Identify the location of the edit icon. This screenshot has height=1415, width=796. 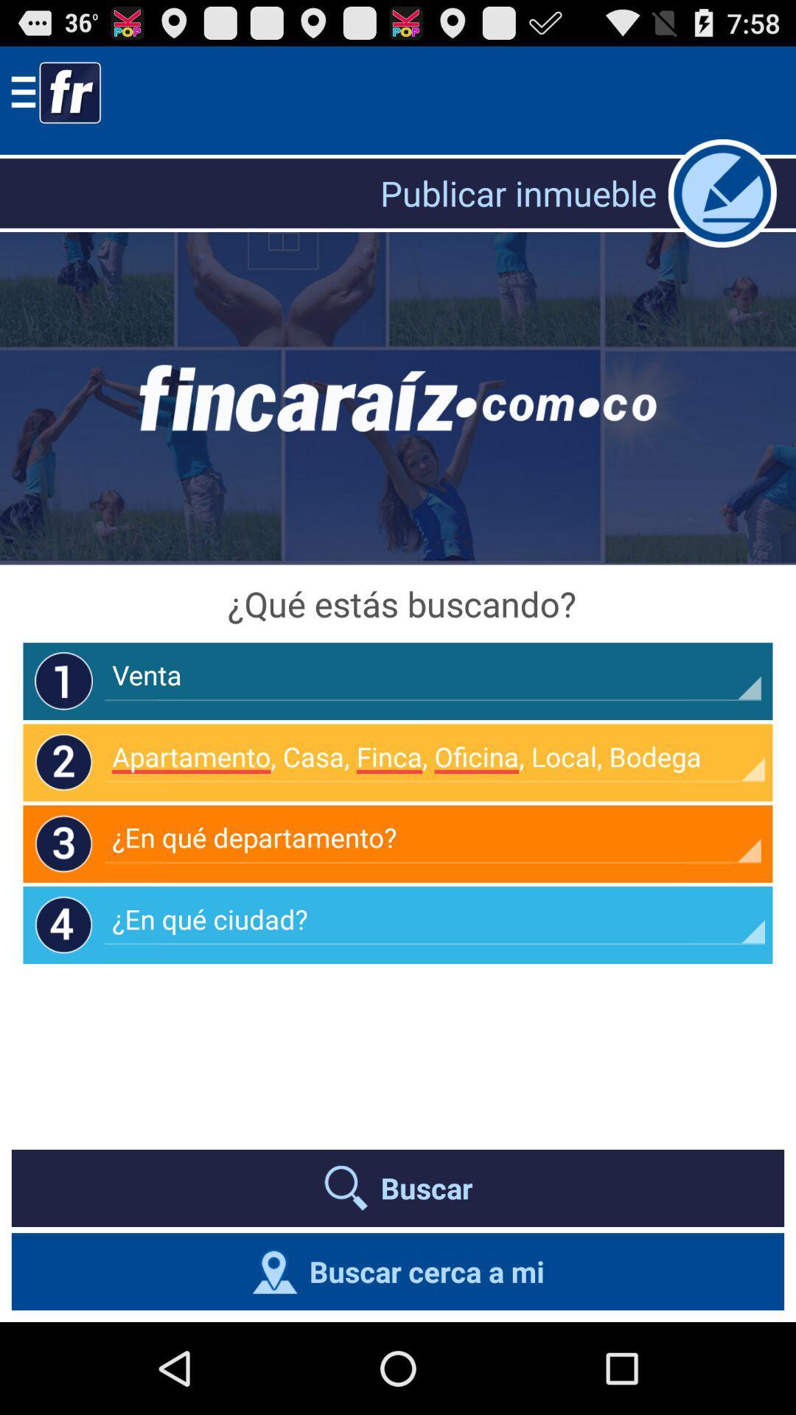
(722, 206).